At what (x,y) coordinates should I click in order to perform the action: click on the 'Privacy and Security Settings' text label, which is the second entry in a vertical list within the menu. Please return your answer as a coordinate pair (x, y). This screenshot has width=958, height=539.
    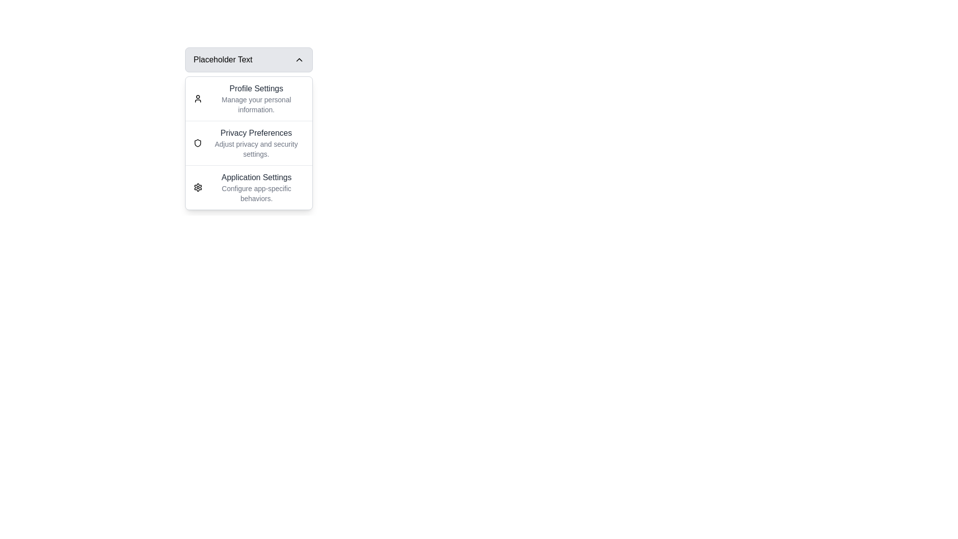
    Looking at the image, I should click on (256, 143).